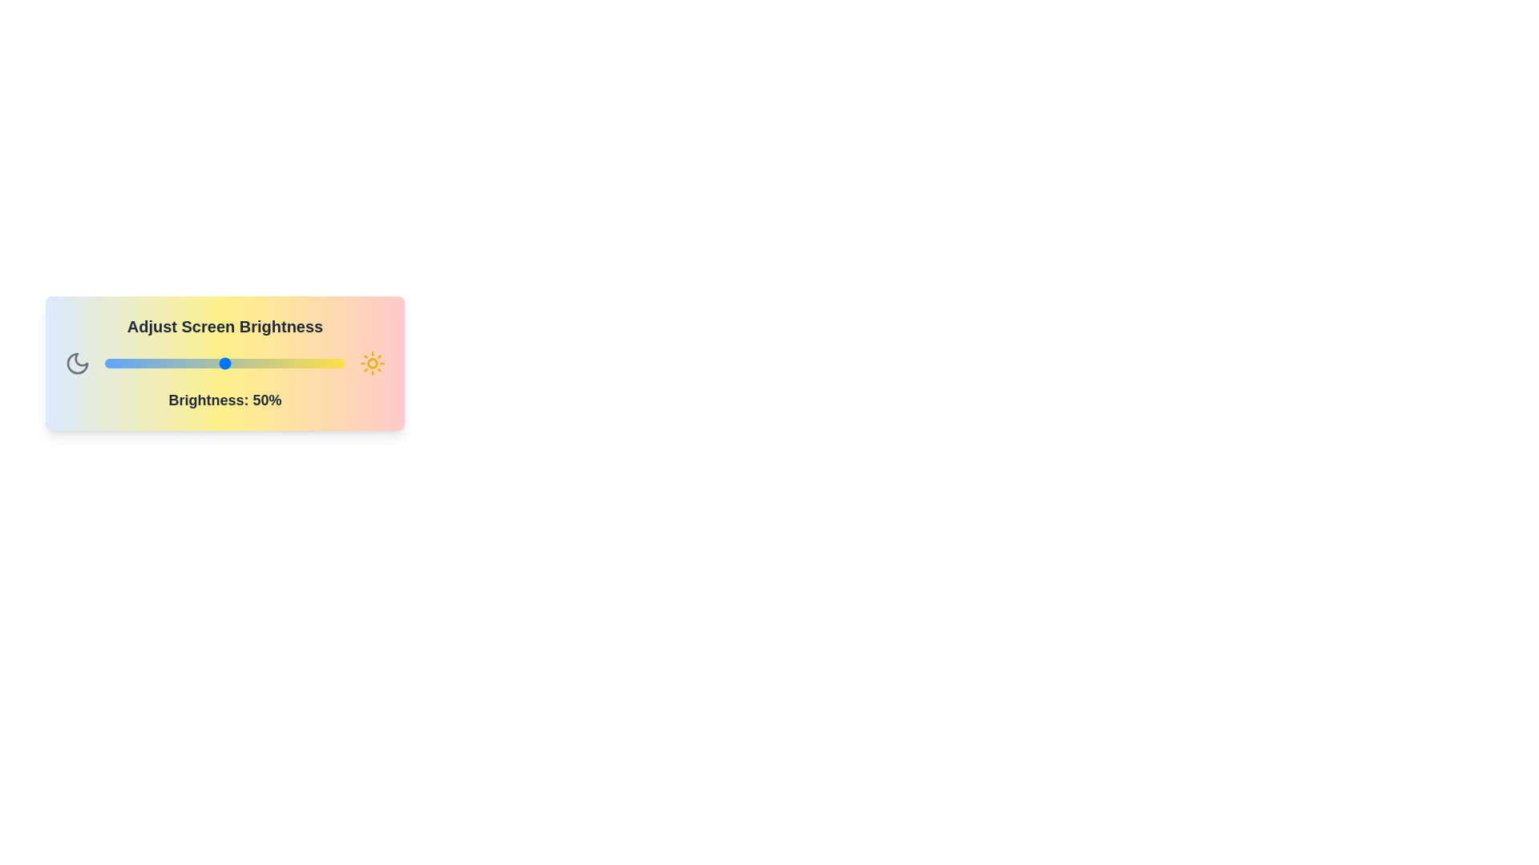 Image resolution: width=1539 pixels, height=865 pixels. What do you see at coordinates (76, 364) in the screenshot?
I see `the moon icon to toggle the brightness mode` at bounding box center [76, 364].